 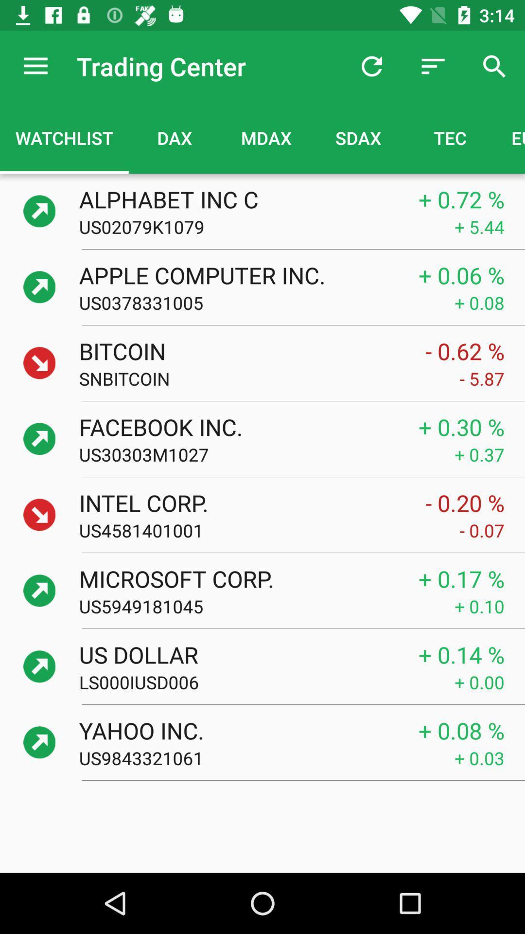 I want to click on icon above the watchlist icon, so click(x=35, y=66).